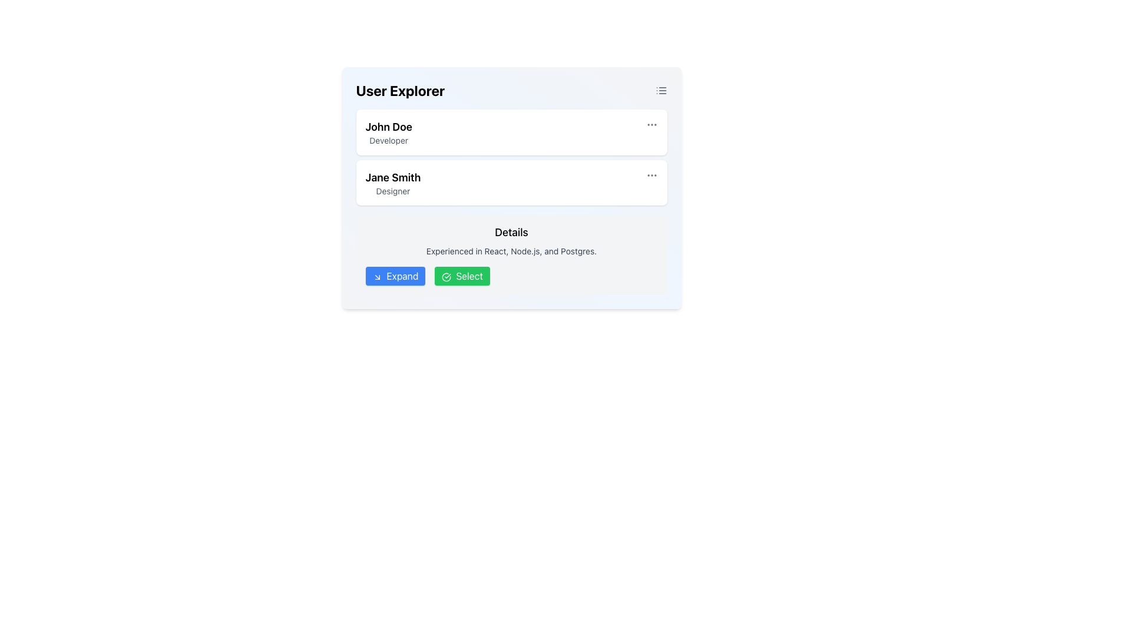  I want to click on the Information Tile that displays 'John Doe' and 'Developer', which is the first tile below the 'User Explorer' title, so click(511, 132).